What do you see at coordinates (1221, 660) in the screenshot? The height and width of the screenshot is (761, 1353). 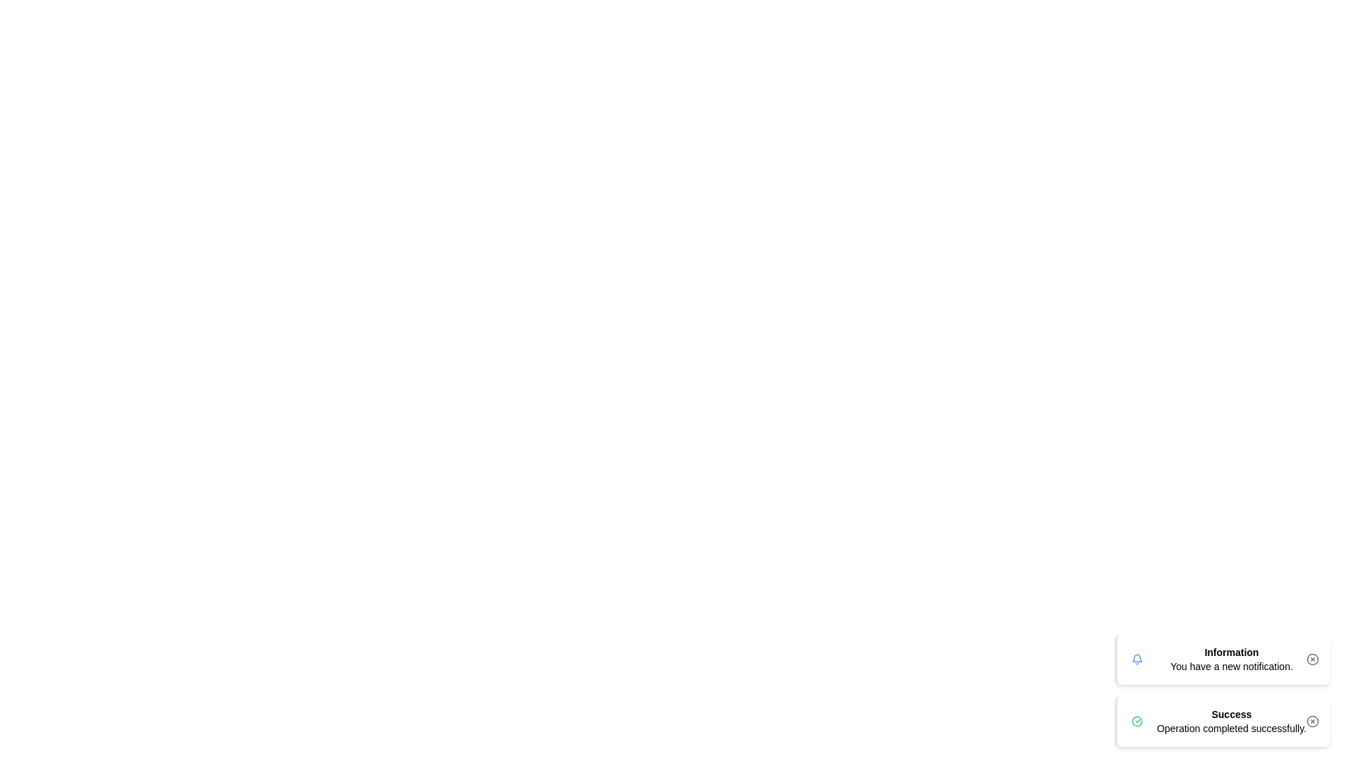 I see `the notification box with a light blue background and blue-bordered left edge, which contains the bell icon, the text 'Information', the message 'You have a new notification.', and a close button represented by an 'x' icon on the right side` at bounding box center [1221, 660].